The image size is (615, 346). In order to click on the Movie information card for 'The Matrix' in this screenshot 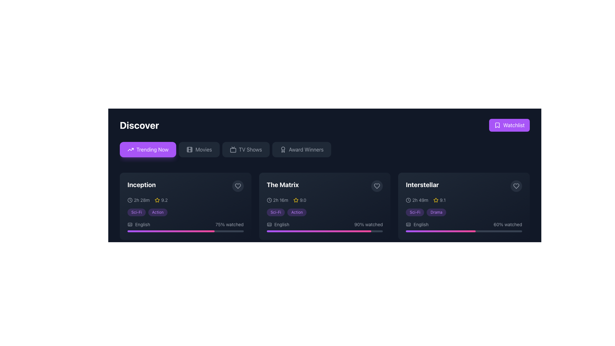, I will do `click(324, 206)`.